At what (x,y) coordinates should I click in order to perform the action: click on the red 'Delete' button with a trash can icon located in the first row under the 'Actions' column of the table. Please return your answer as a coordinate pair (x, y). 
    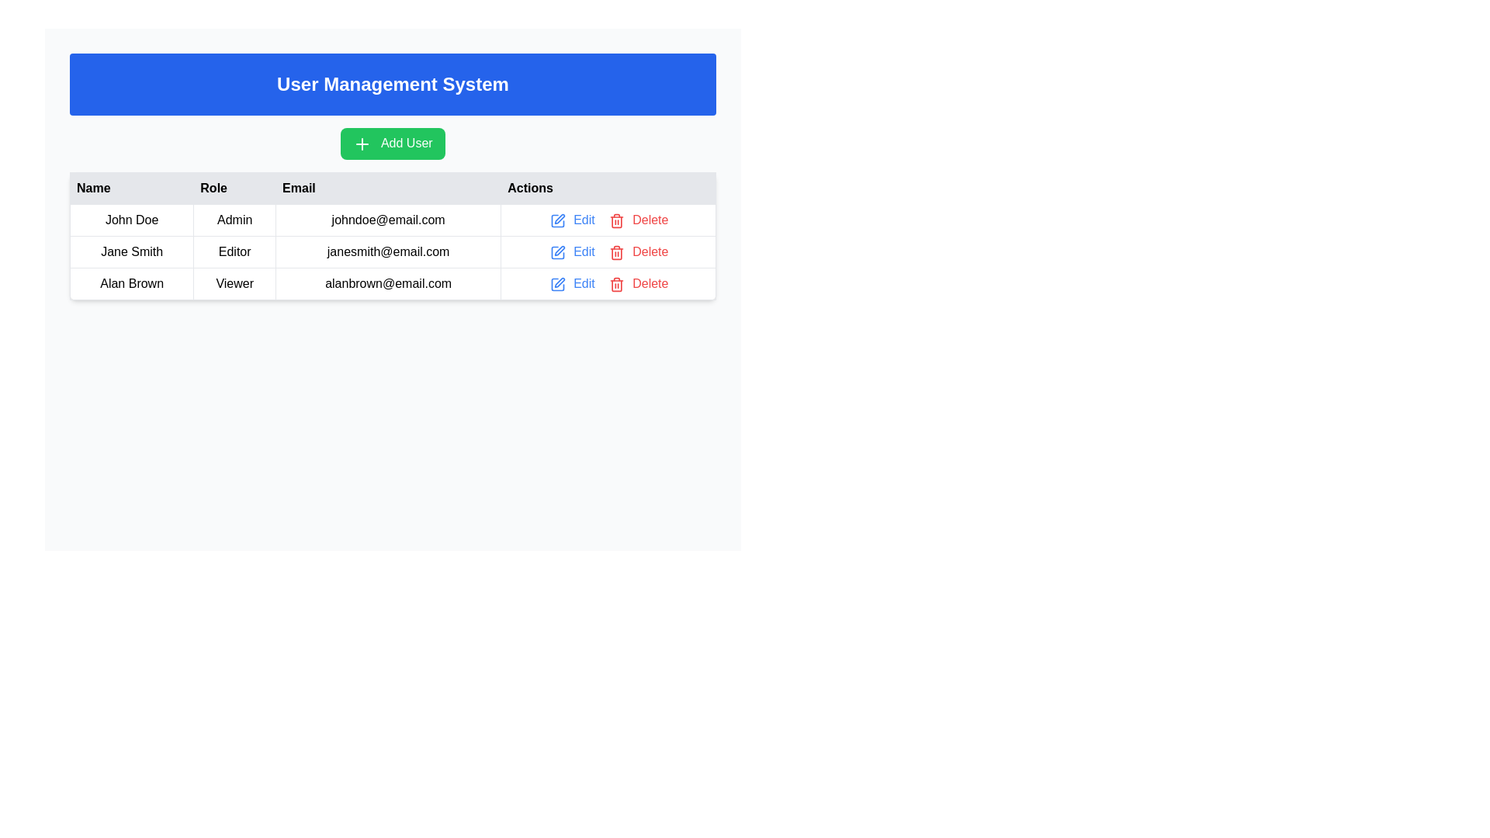
    Looking at the image, I should click on (638, 220).